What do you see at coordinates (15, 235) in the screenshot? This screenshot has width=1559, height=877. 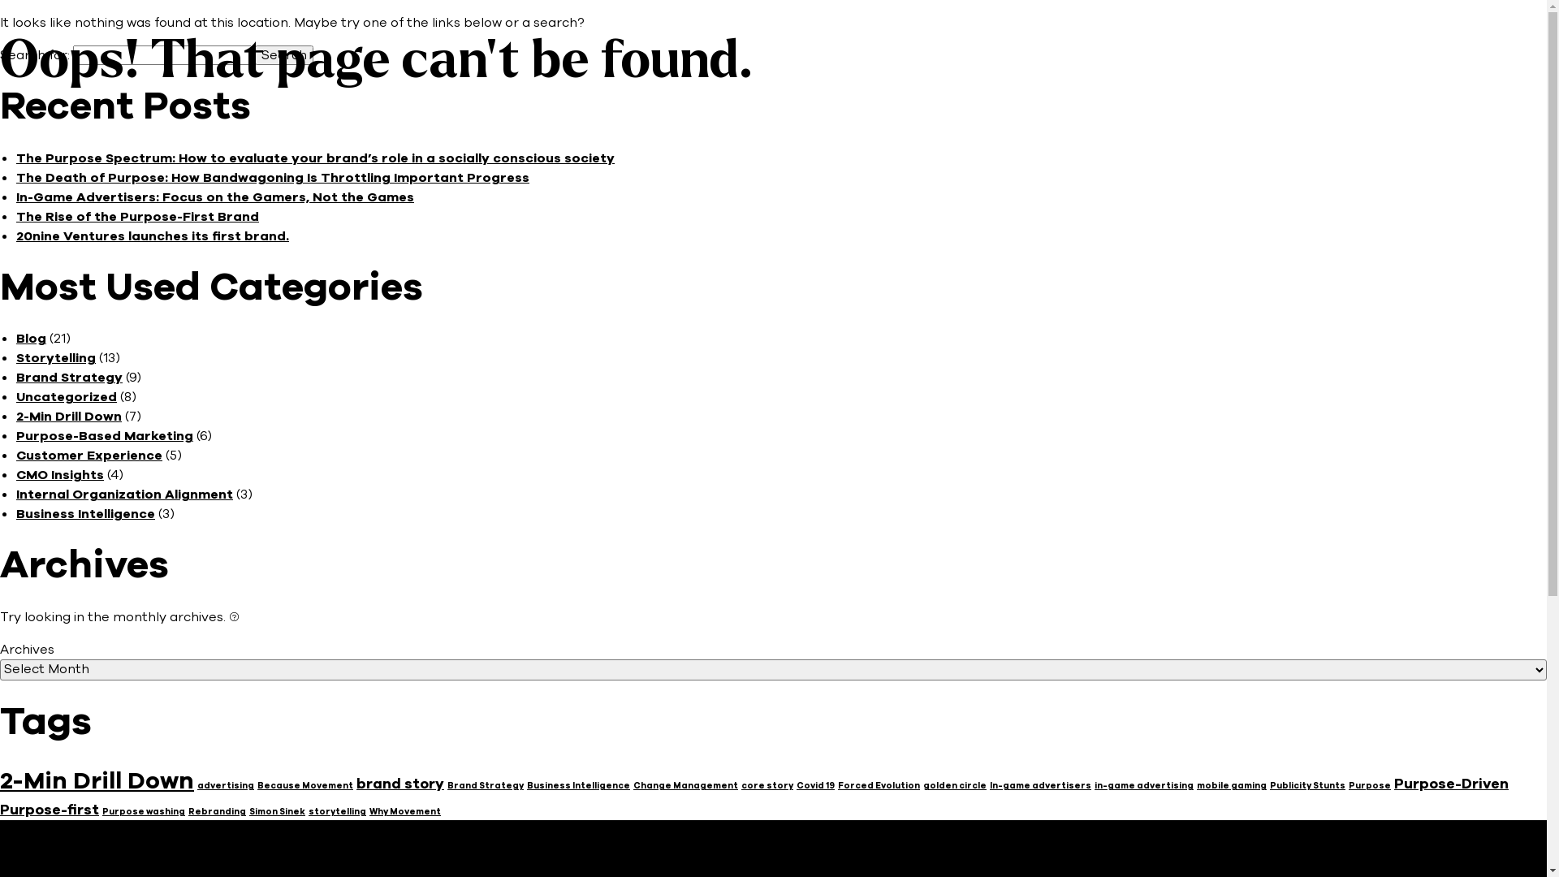 I see `'20nine Ventures launches its first brand.'` at bounding box center [15, 235].